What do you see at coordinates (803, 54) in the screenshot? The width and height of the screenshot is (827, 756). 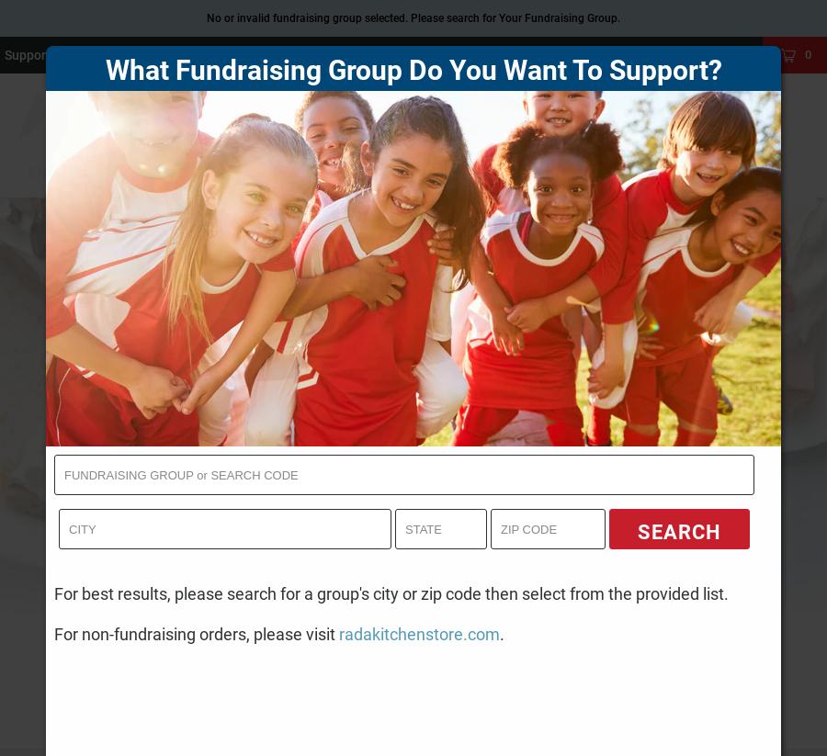 I see `'0'` at bounding box center [803, 54].